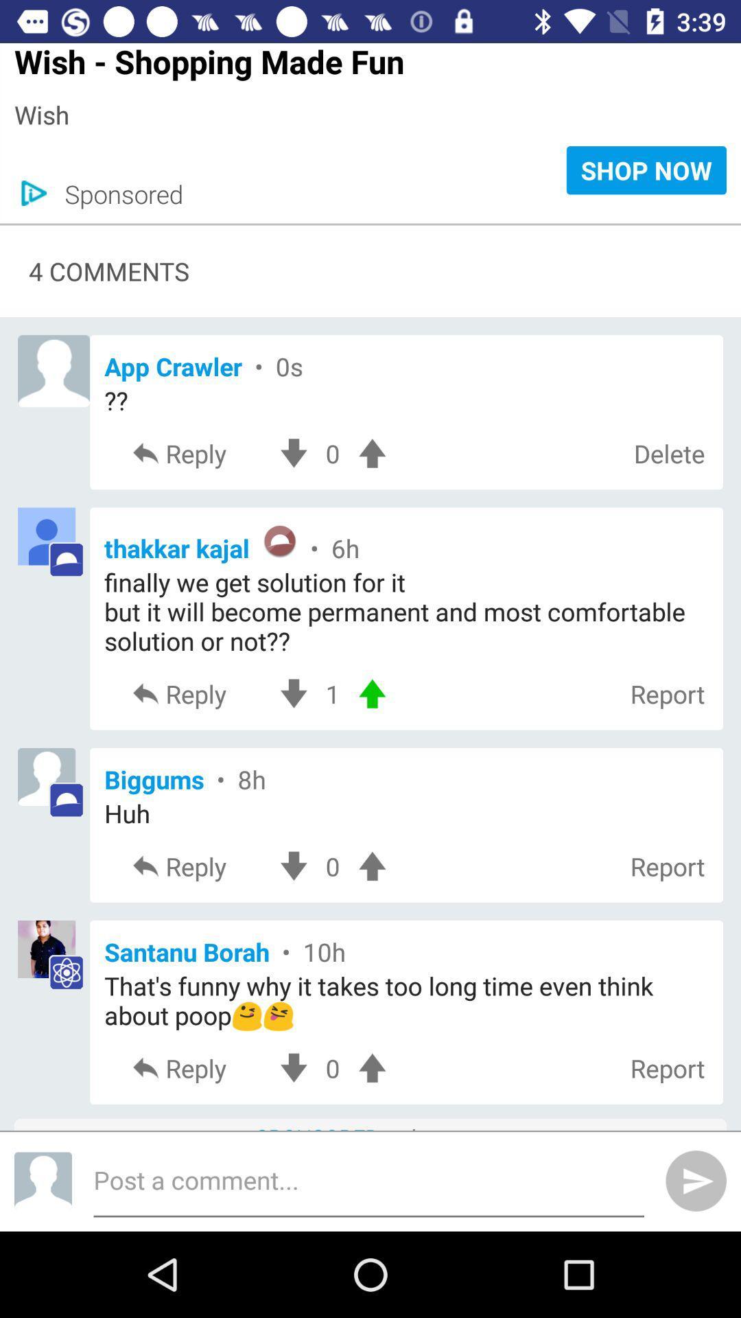 This screenshot has width=741, height=1318. What do you see at coordinates (198, 866) in the screenshot?
I see `text reply just above the text santanu borah` at bounding box center [198, 866].